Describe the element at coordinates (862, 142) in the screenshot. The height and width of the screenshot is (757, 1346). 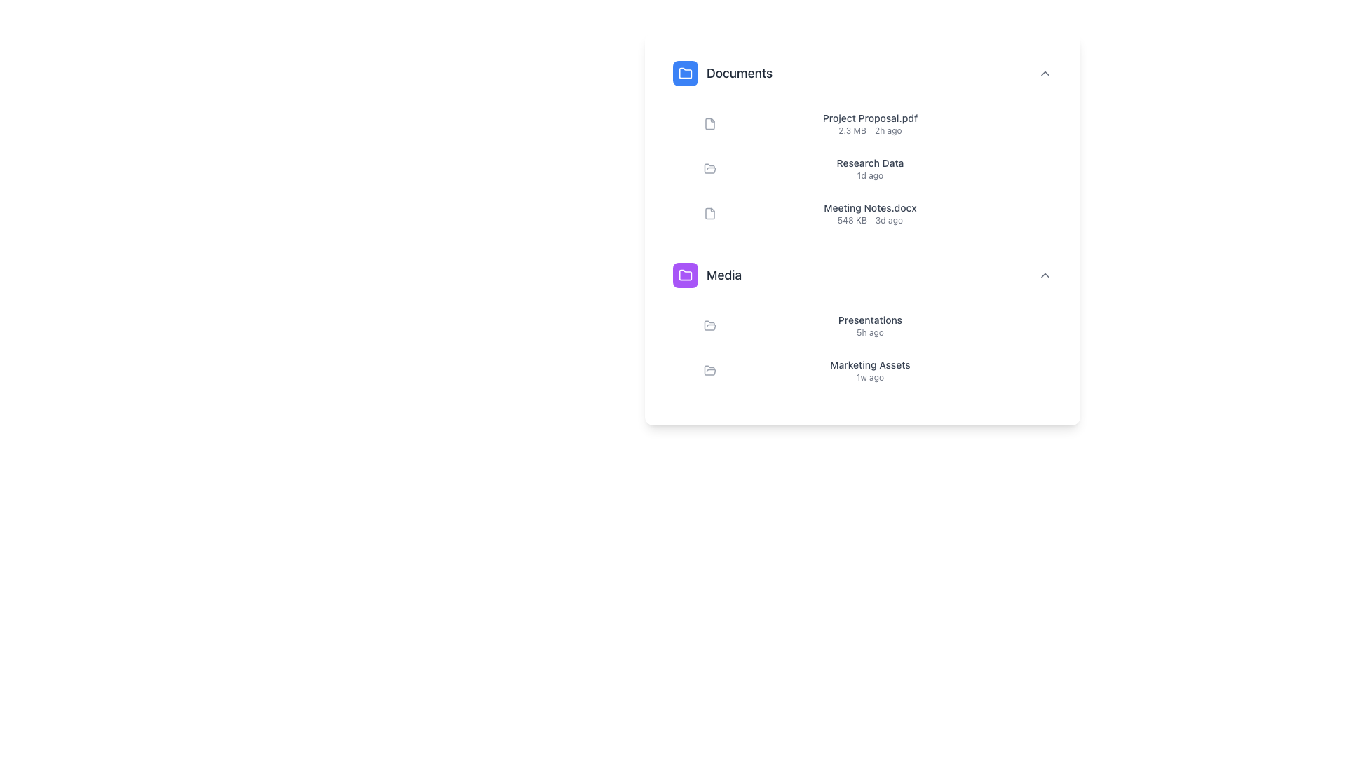
I see `the second item in the 'Documents' list titled 'Research Data'` at that location.